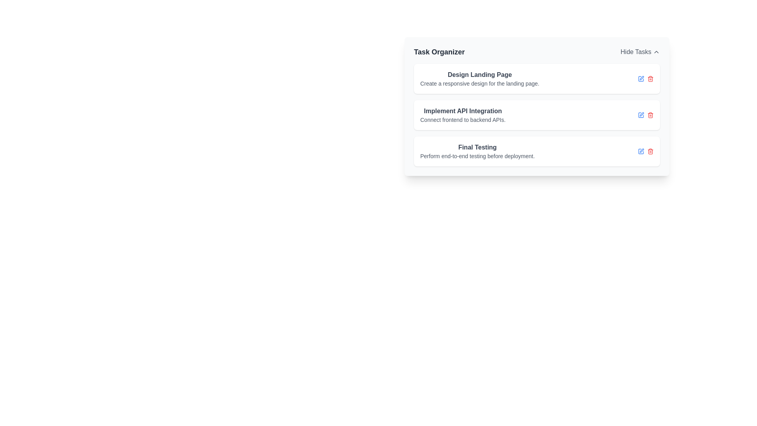 This screenshot has width=757, height=426. I want to click on text content of the Text Label representing the task entry for end-to-end testing, located in the 'Task Organizer' section as the third entry in the list, so click(477, 151).